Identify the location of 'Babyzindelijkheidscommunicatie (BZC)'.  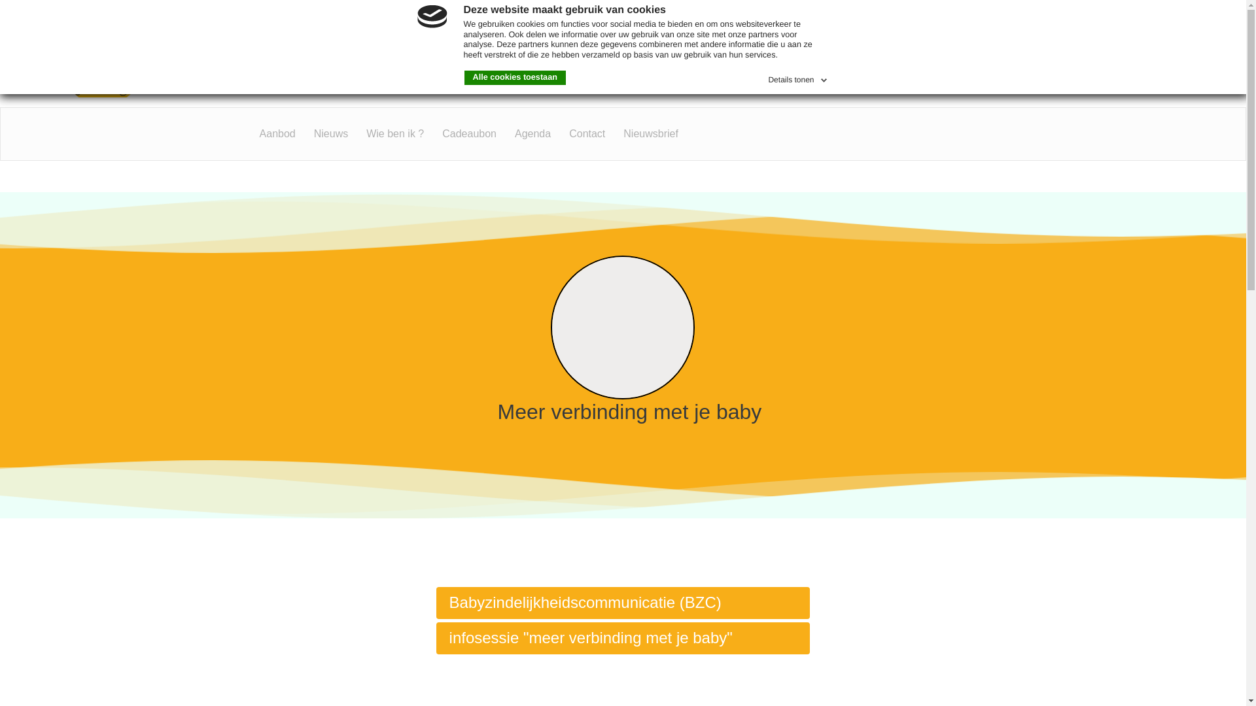
(623, 603).